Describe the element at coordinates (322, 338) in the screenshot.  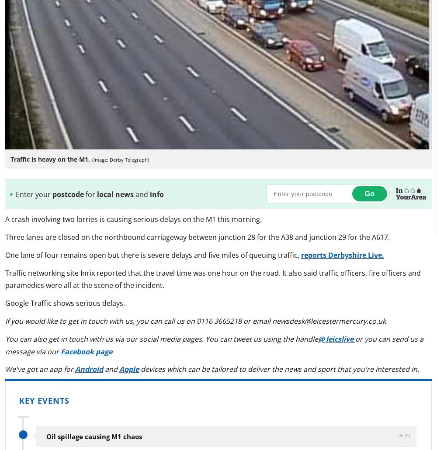
I see `'@'` at that location.